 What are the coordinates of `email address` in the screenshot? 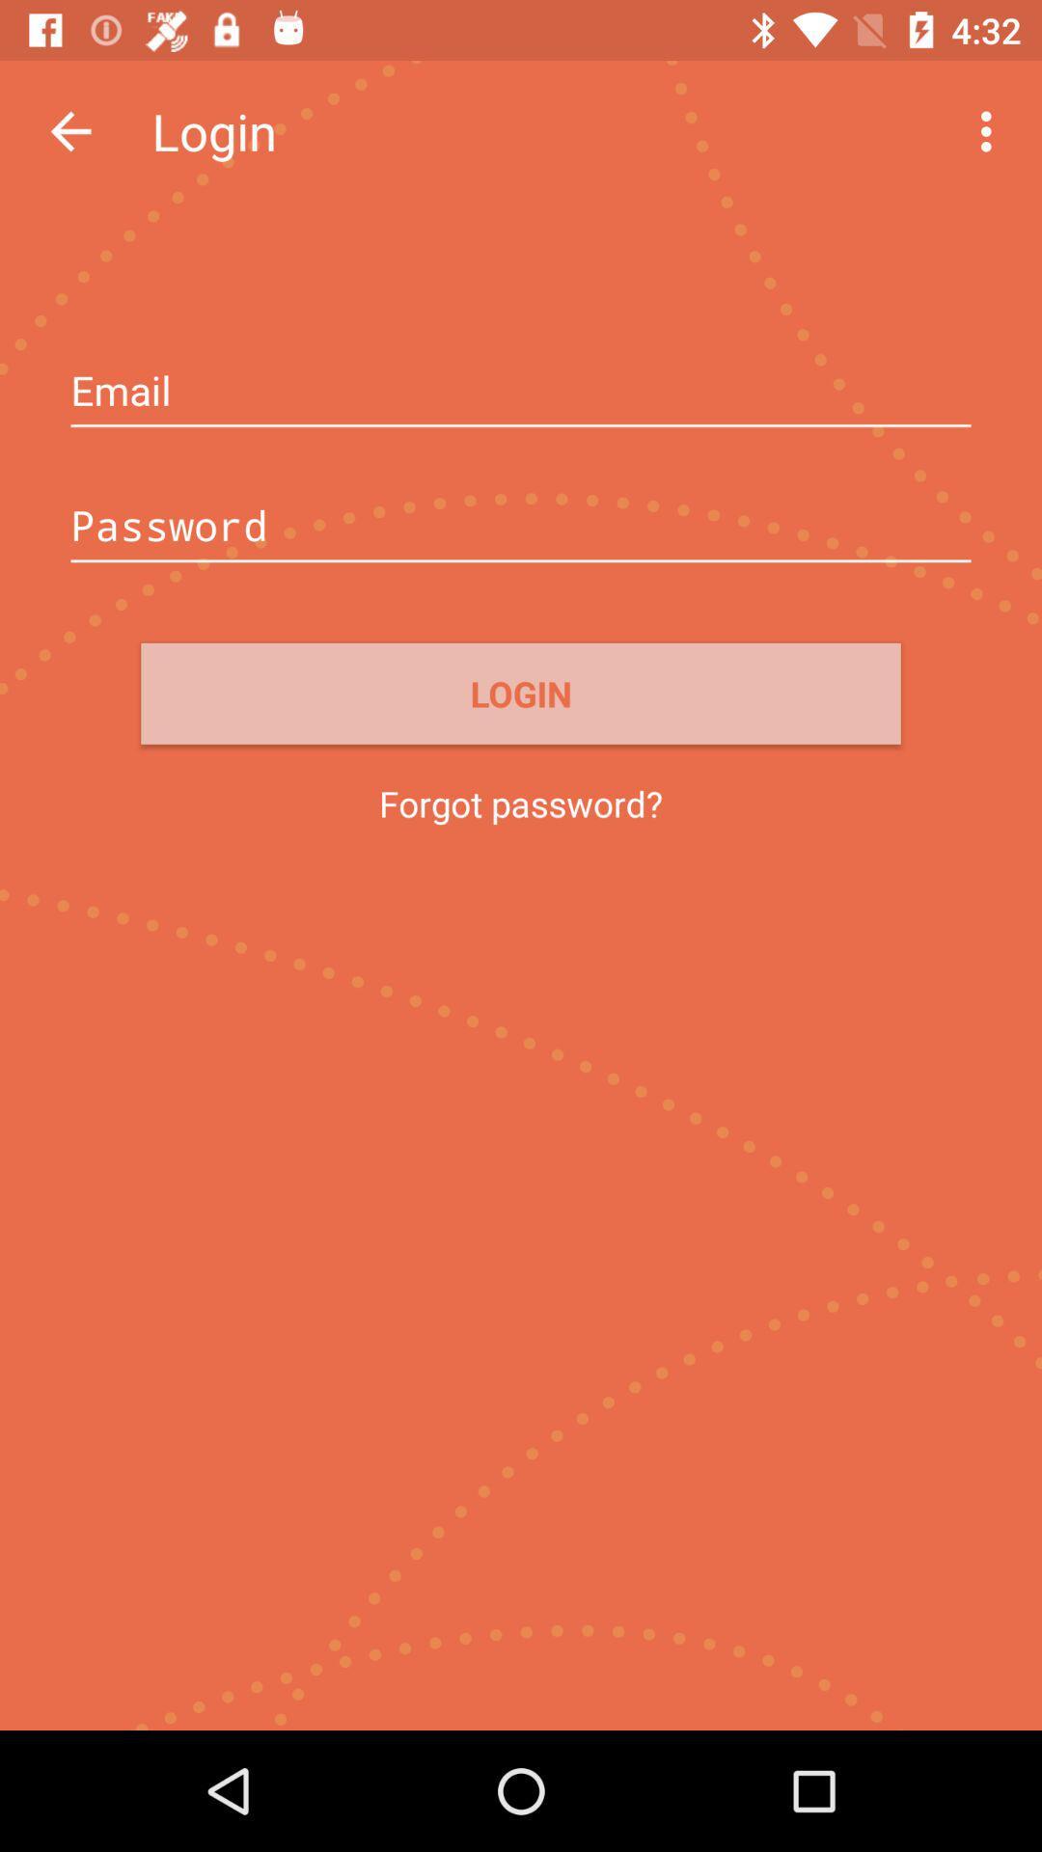 It's located at (521, 392).